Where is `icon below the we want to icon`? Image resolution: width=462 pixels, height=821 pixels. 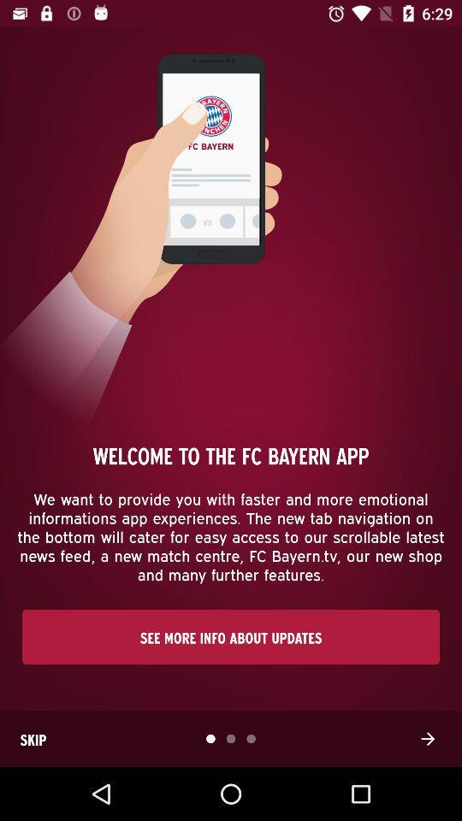
icon below the we want to icon is located at coordinates (231, 635).